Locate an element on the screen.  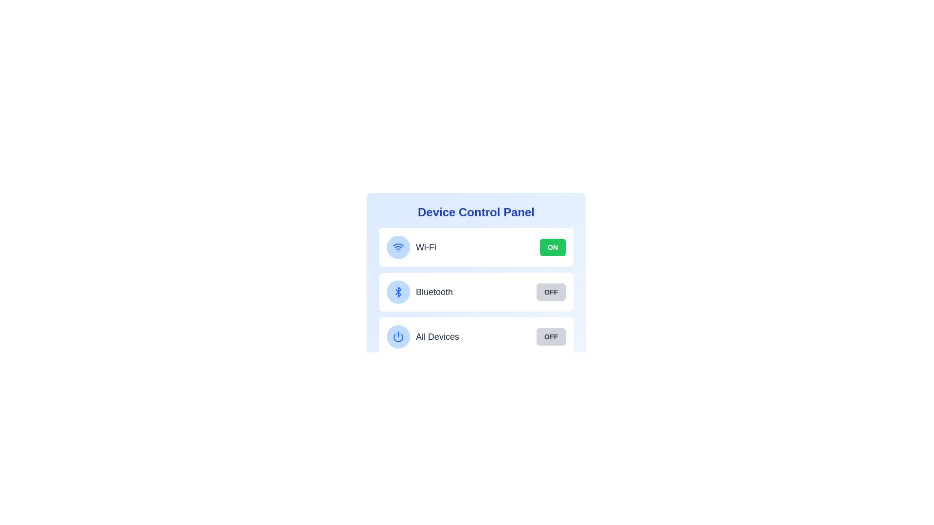
the 'Bluetooth' label with its accompanying icon is located at coordinates (420, 292).